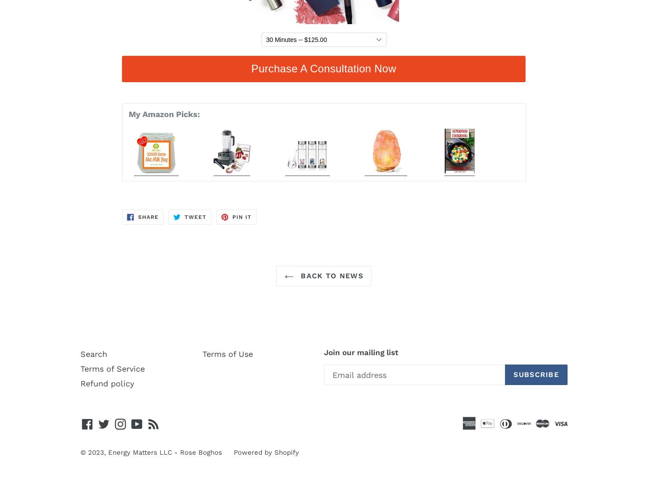  I want to click on 'Search', so click(80, 353).